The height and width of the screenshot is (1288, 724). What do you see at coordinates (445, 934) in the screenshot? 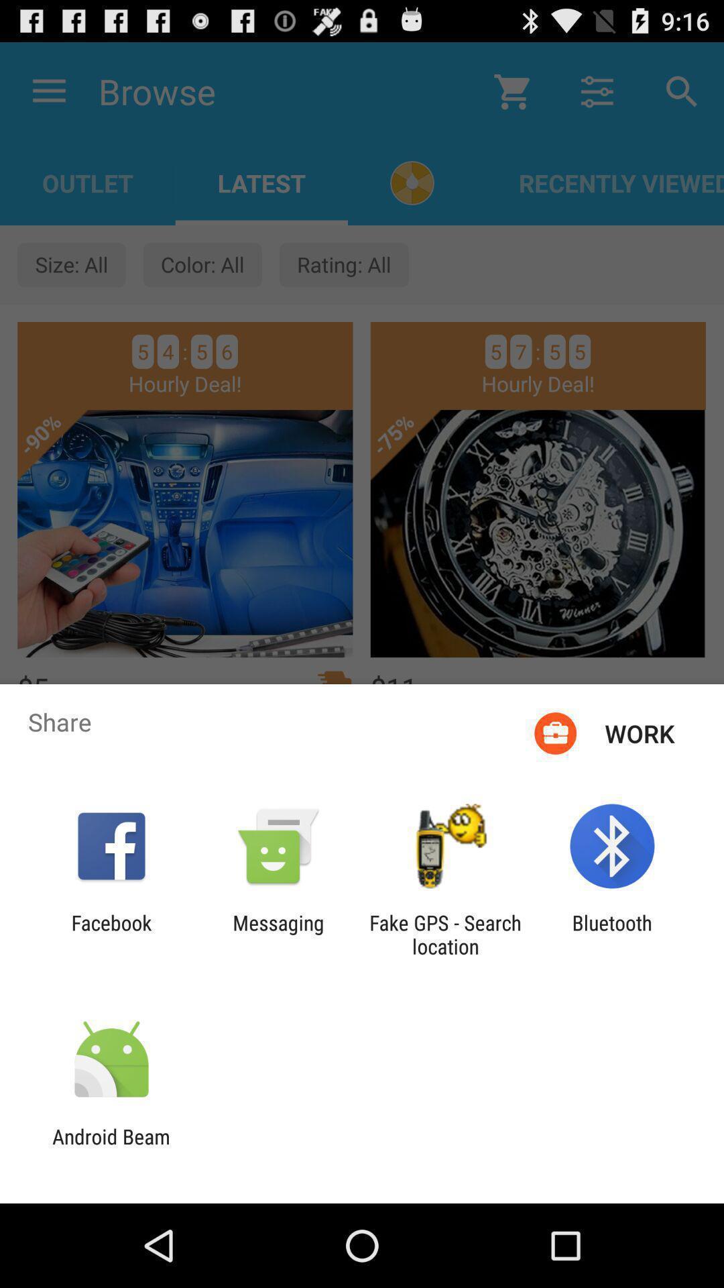
I see `item to the left of bluetooth` at bounding box center [445, 934].